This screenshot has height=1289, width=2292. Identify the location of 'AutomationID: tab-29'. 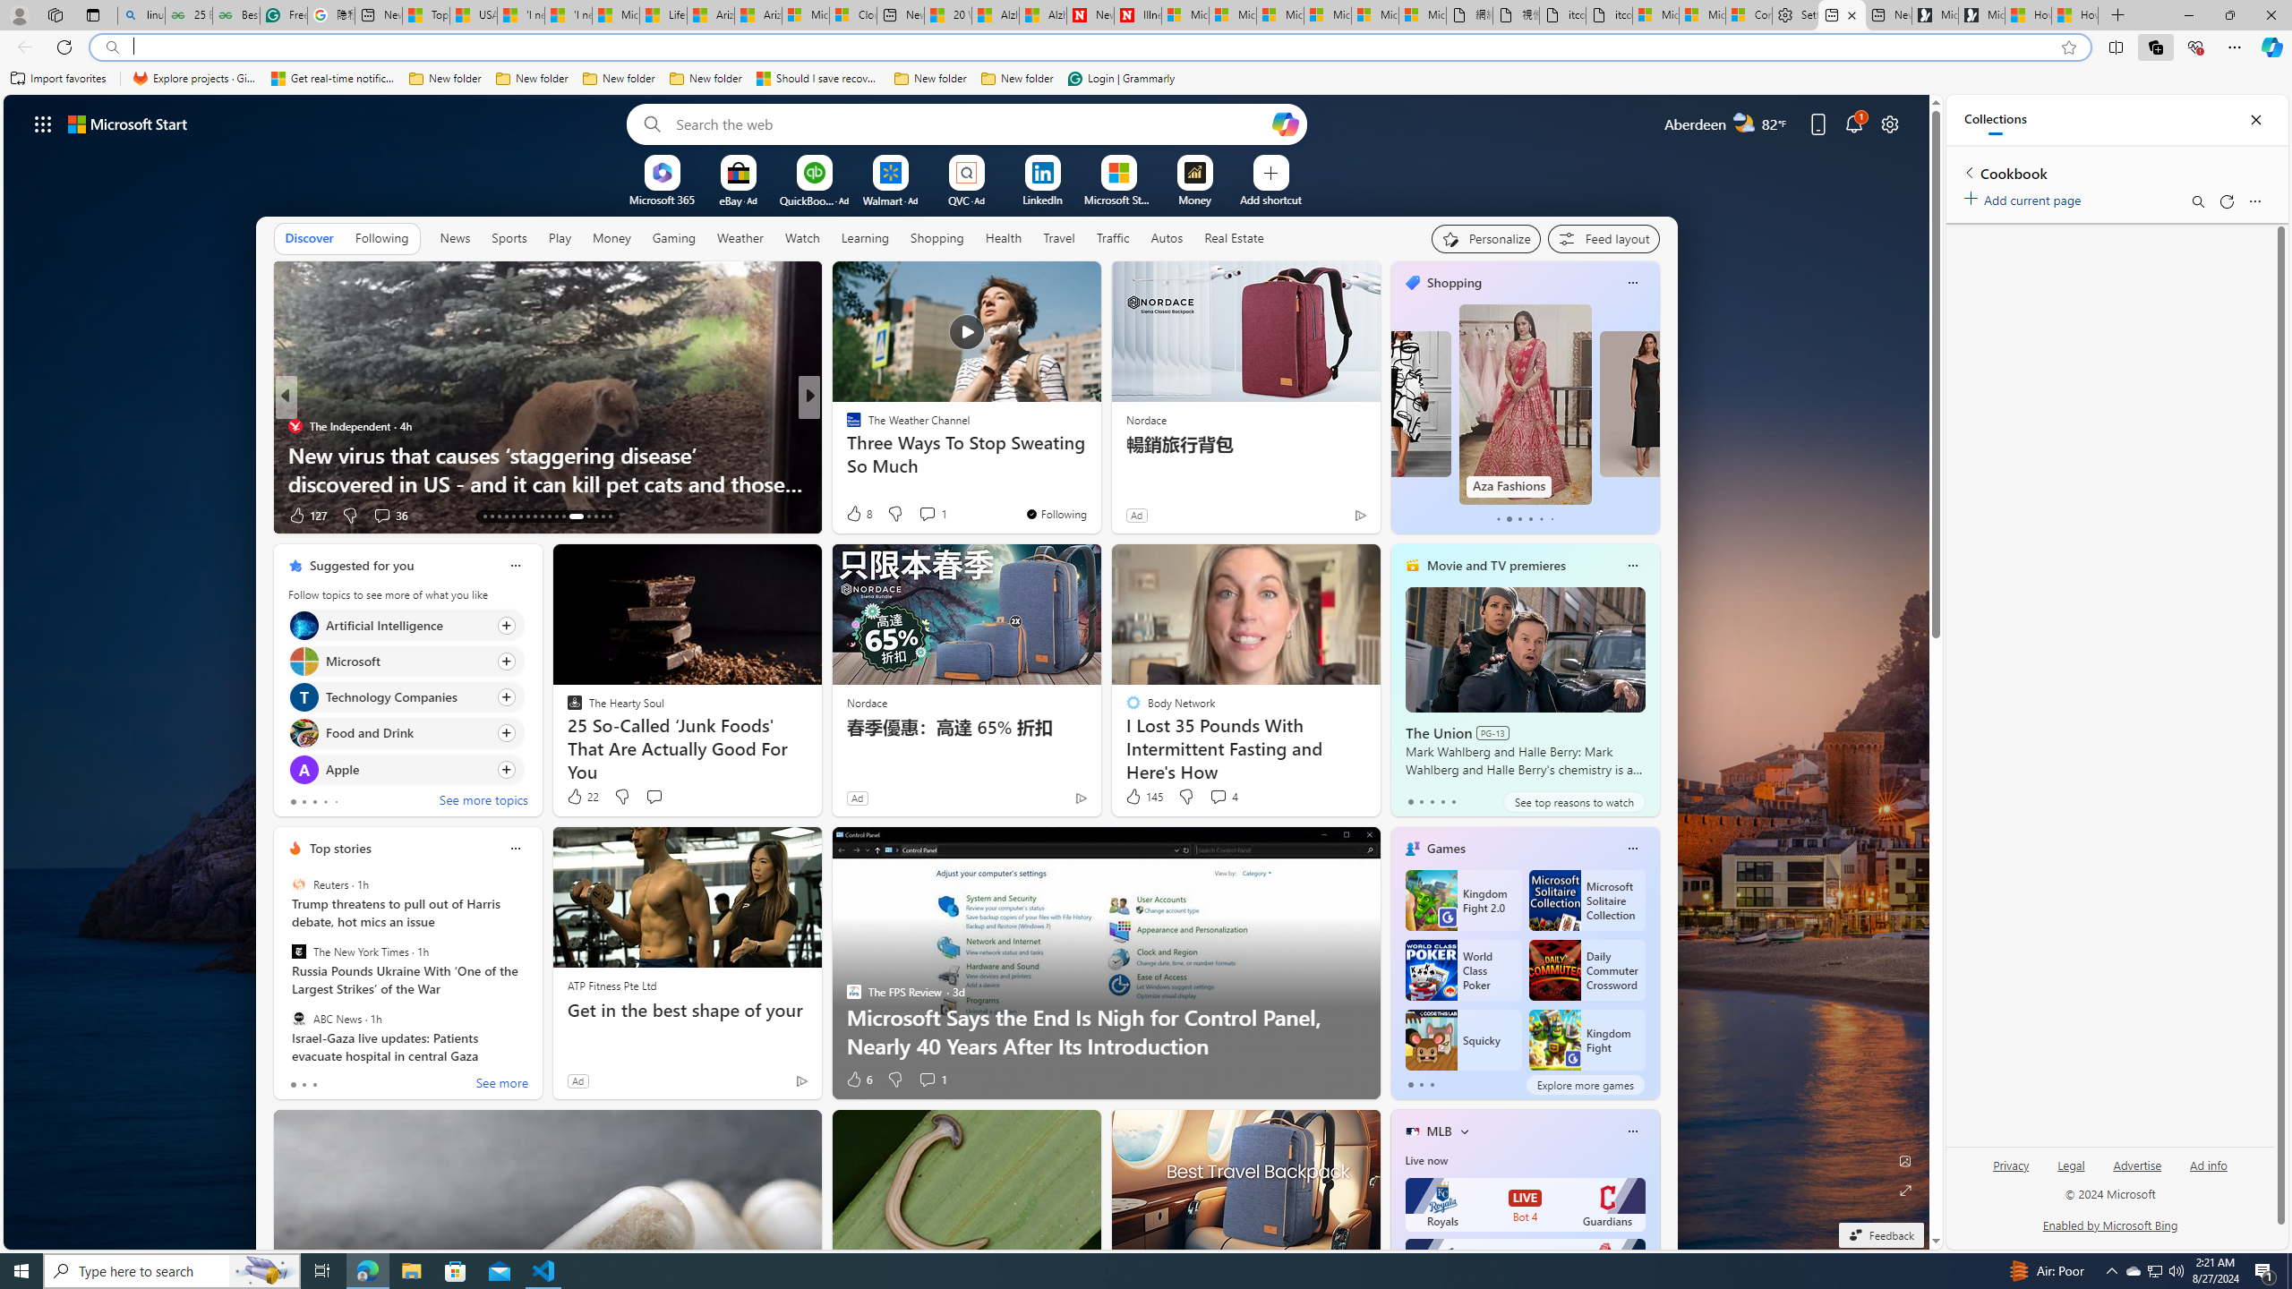
(609, 516).